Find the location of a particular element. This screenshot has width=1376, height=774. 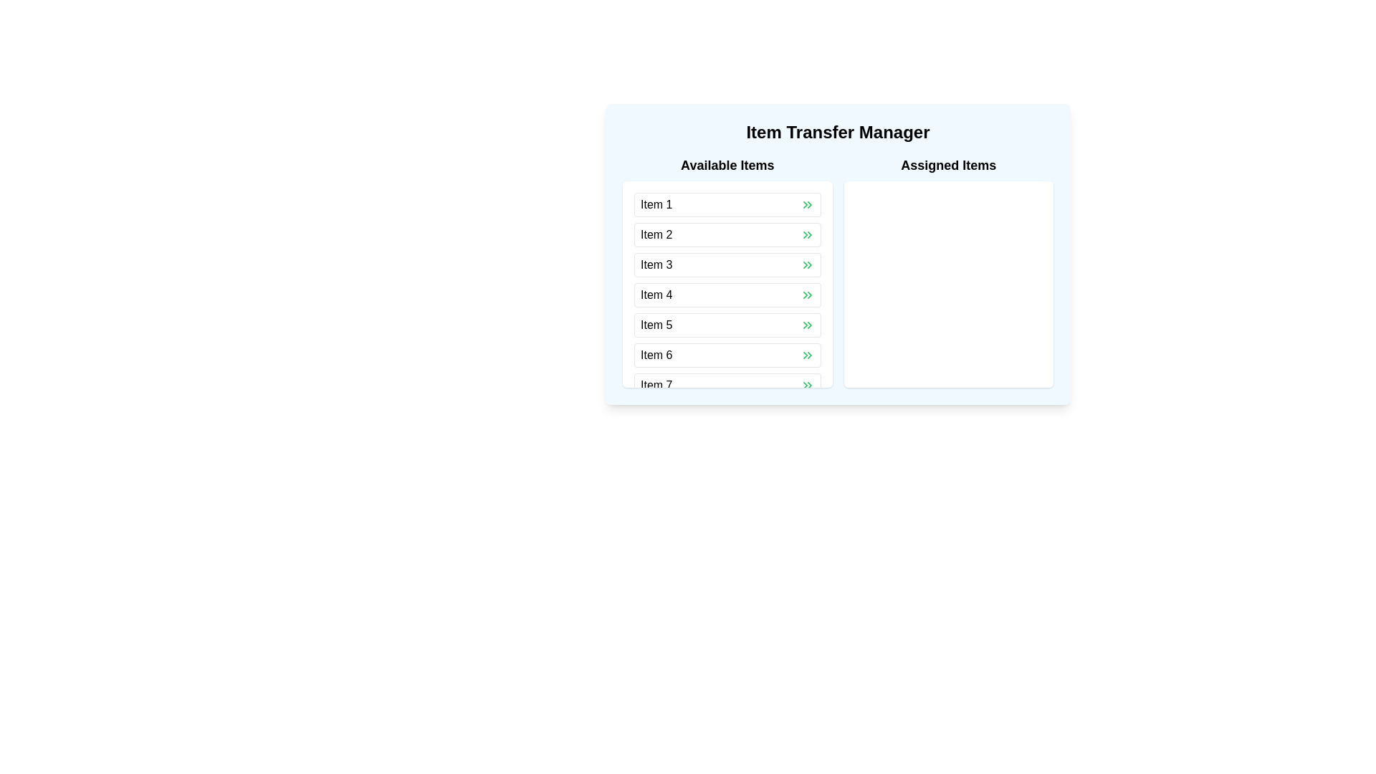

the small right-pointing double-chevron icon styled in green located at the far-right of the 'Item 7' row in the 'Available Items' panel to initiate item transfer is located at coordinates (807, 384).